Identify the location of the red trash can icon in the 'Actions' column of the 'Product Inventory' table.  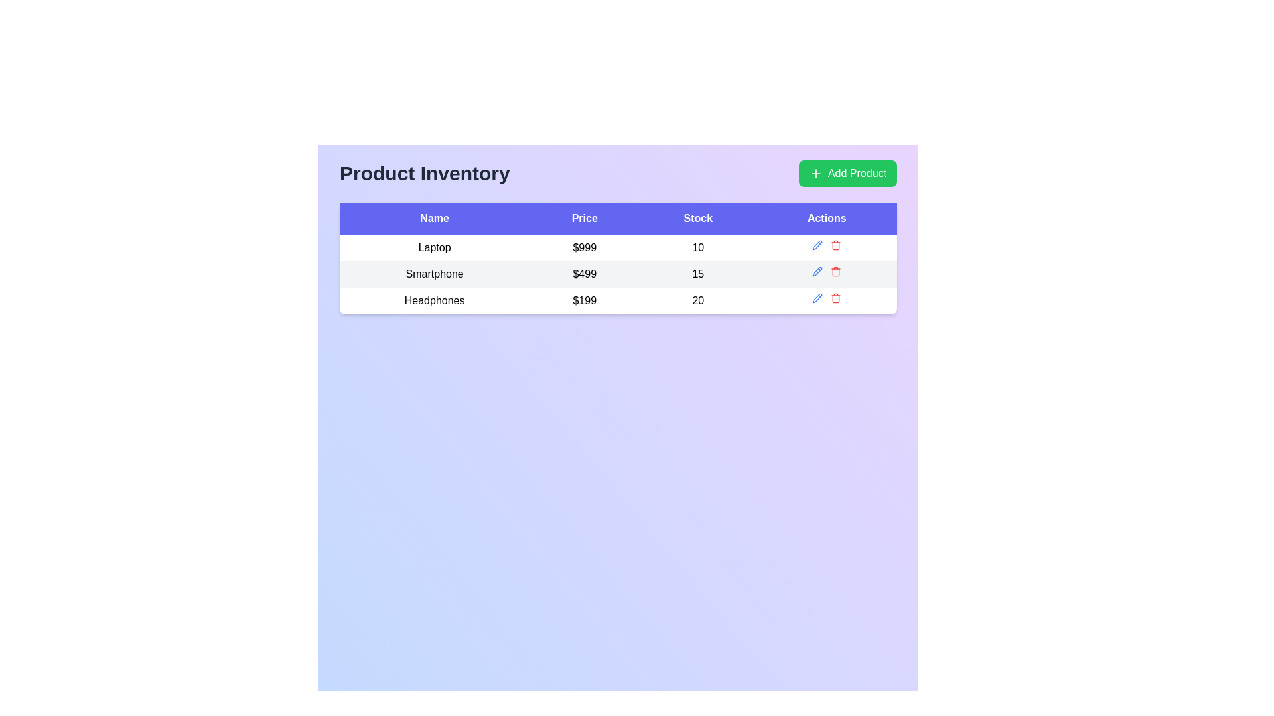
(835, 245).